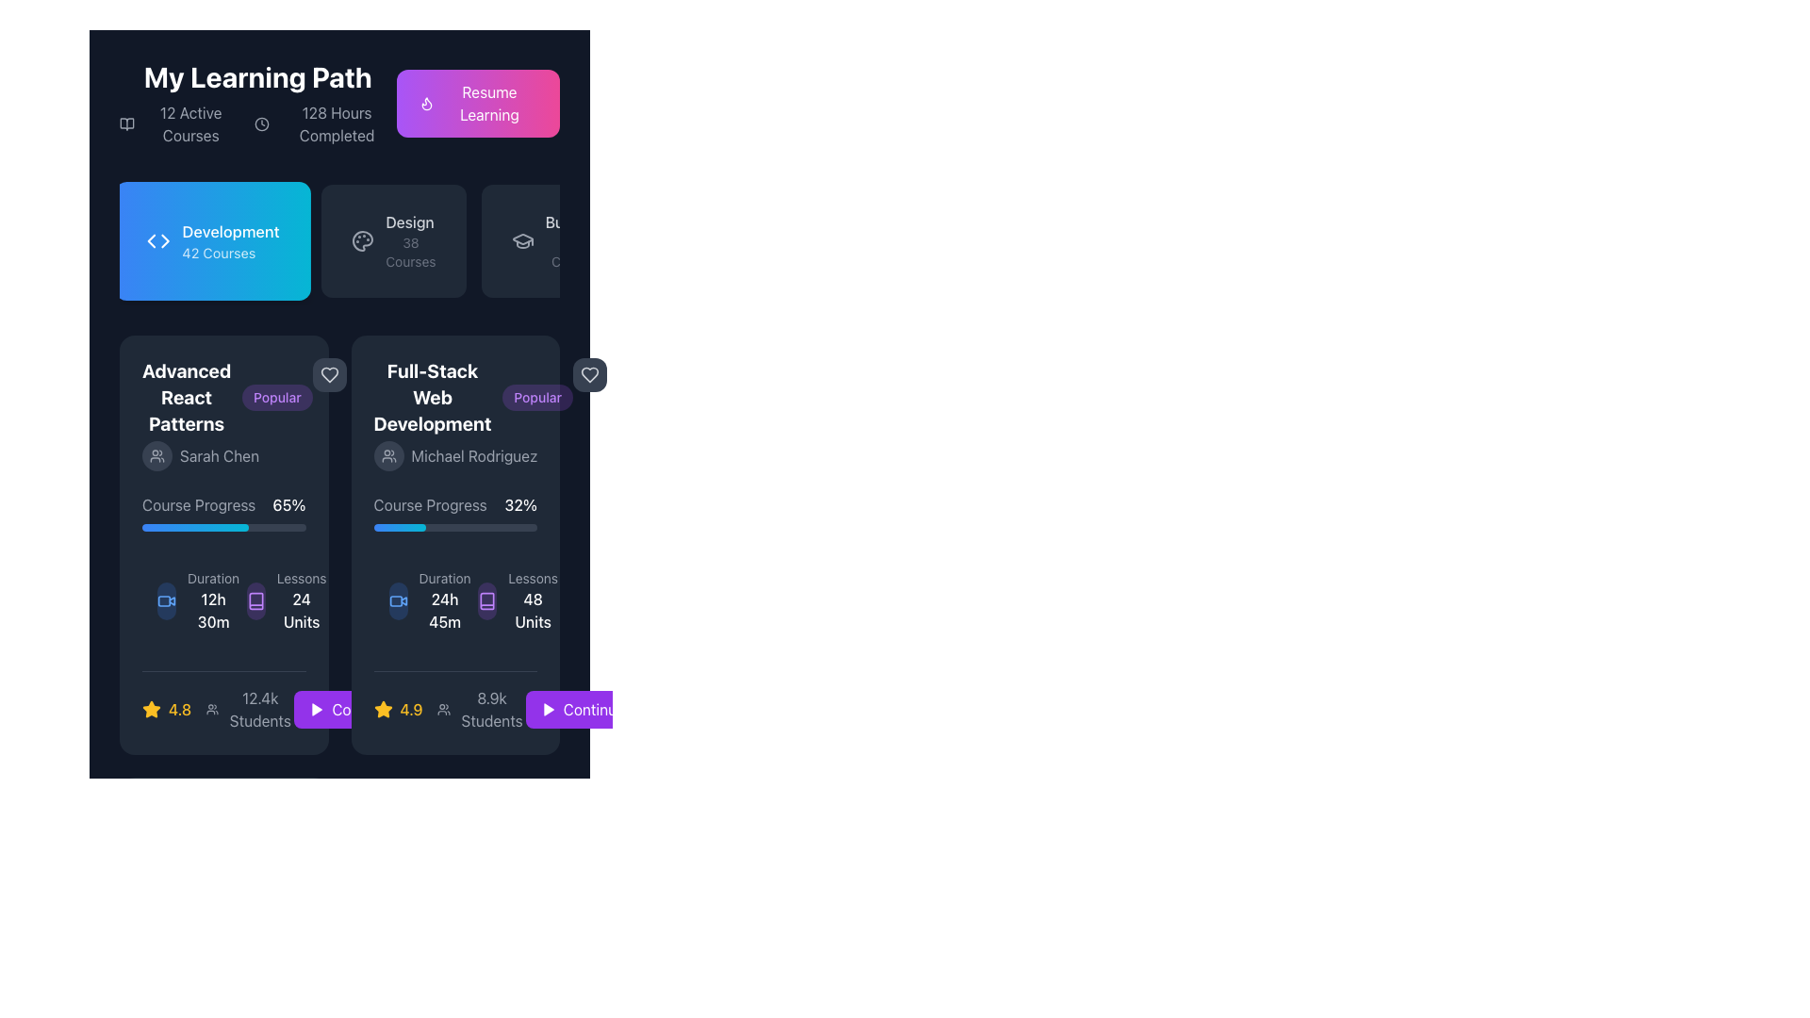 This screenshot has height=1018, width=1810. I want to click on the left-pointing chevron icon used for navigating backward in the Development section card's header, so click(151, 239).